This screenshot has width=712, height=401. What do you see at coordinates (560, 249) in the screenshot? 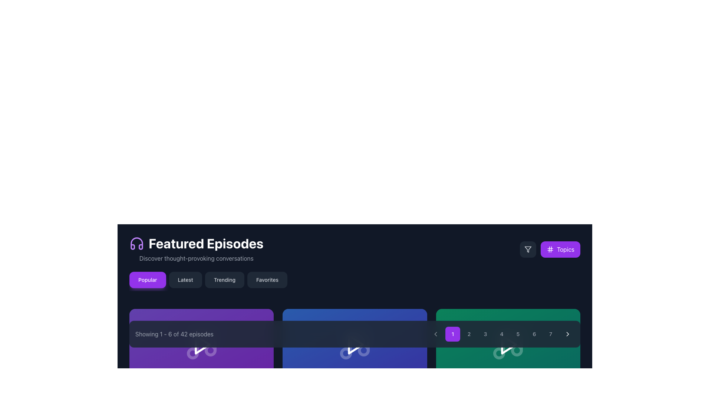
I see `the button related to 'Topics' located in the top-right corner of the UI, immediately to the right of the filter icon styled button` at bounding box center [560, 249].